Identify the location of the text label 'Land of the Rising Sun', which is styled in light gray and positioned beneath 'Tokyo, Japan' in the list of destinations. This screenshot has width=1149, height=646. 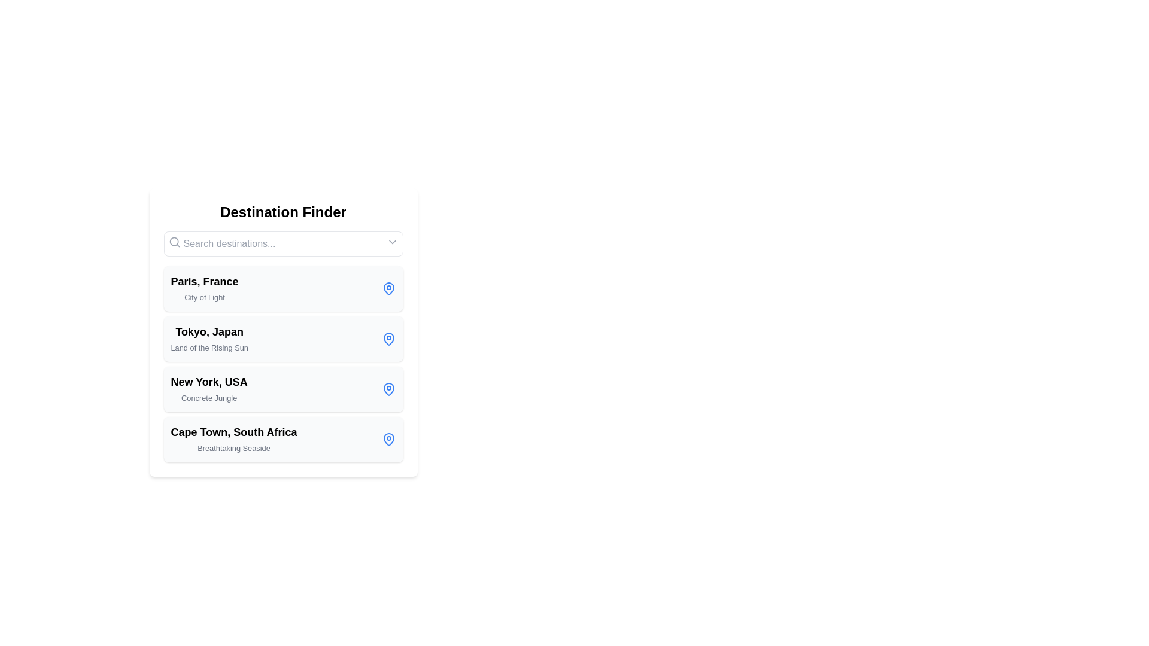
(209, 348).